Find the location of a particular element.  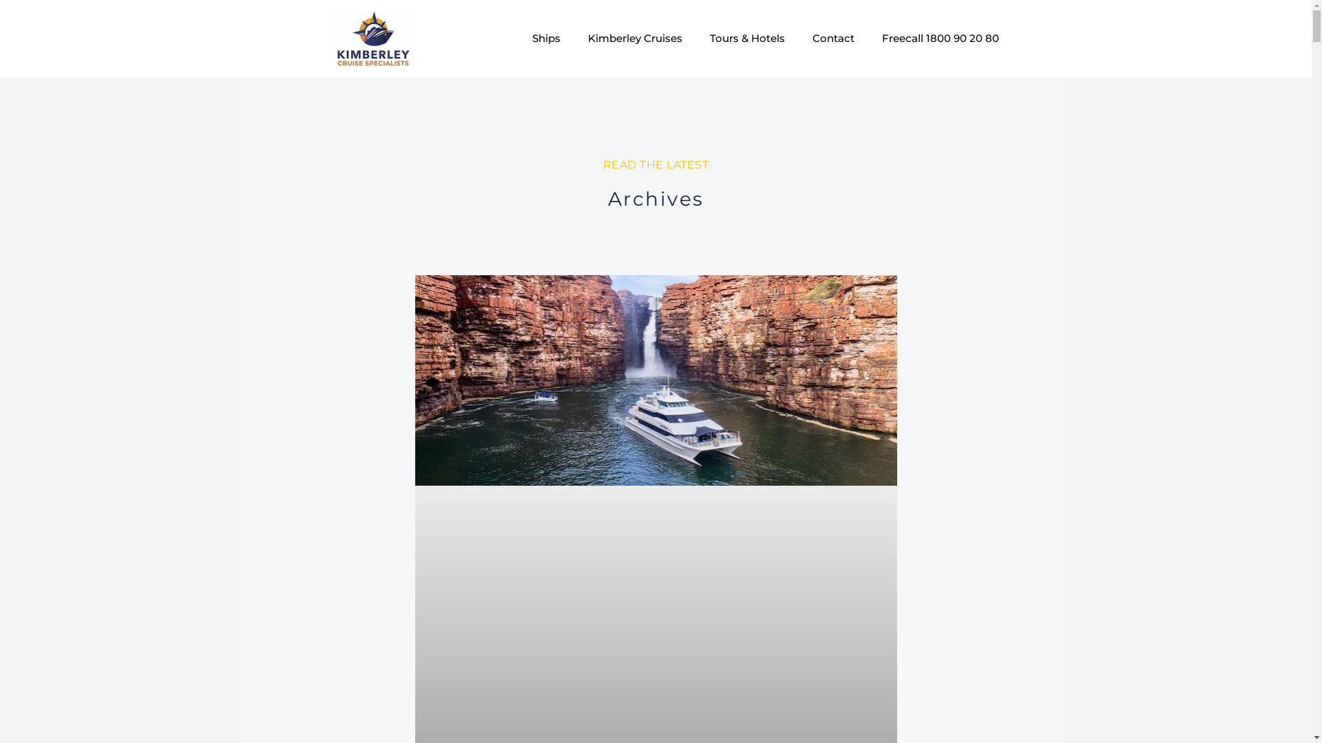

'Kimberley Cruises' is located at coordinates (634, 38).